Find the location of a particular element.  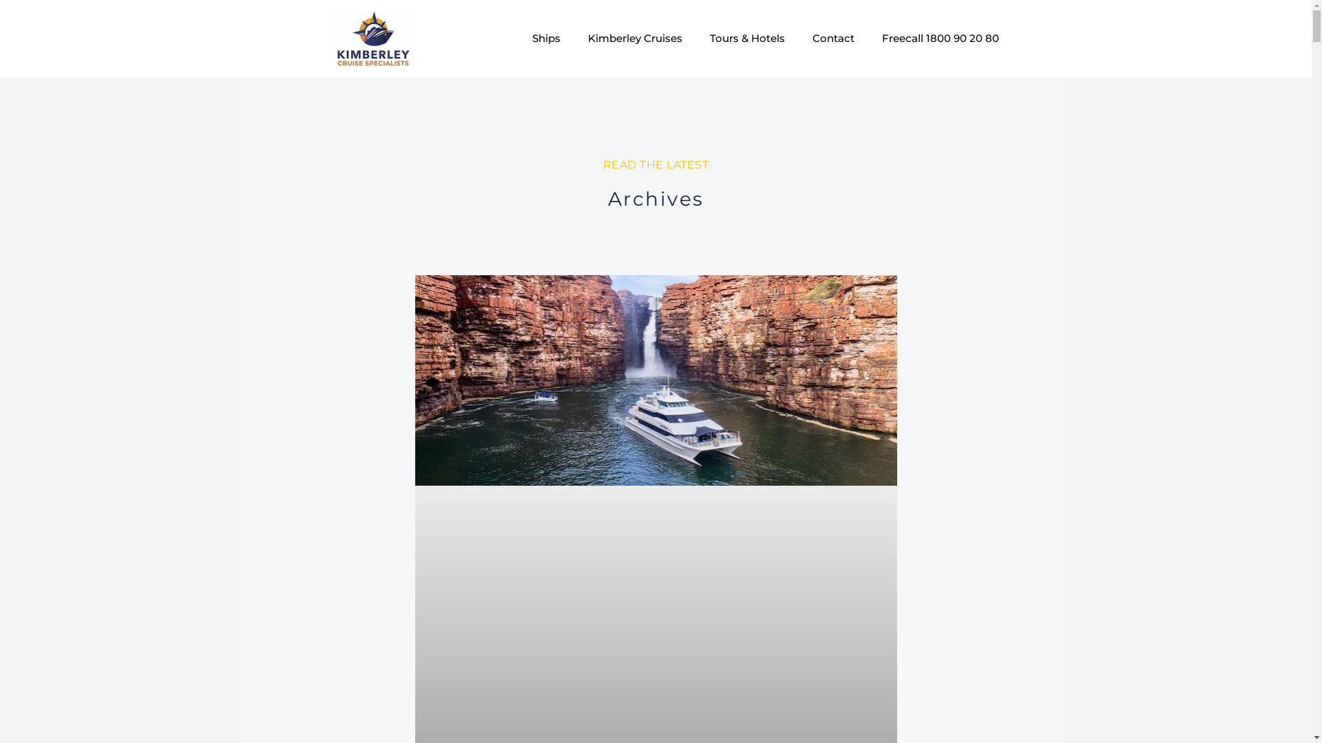

'Kimberley Cruises' is located at coordinates (634, 38).